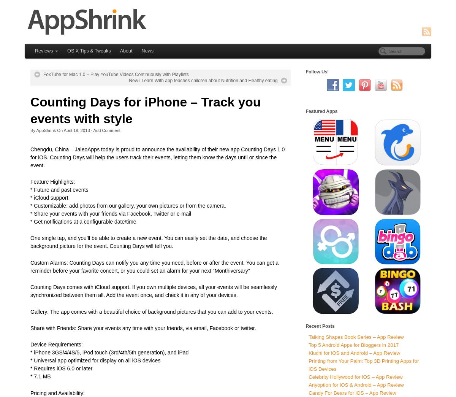 Image resolution: width=456 pixels, height=397 pixels. Describe the element at coordinates (317, 71) in the screenshot. I see `'Follow Us!'` at that location.